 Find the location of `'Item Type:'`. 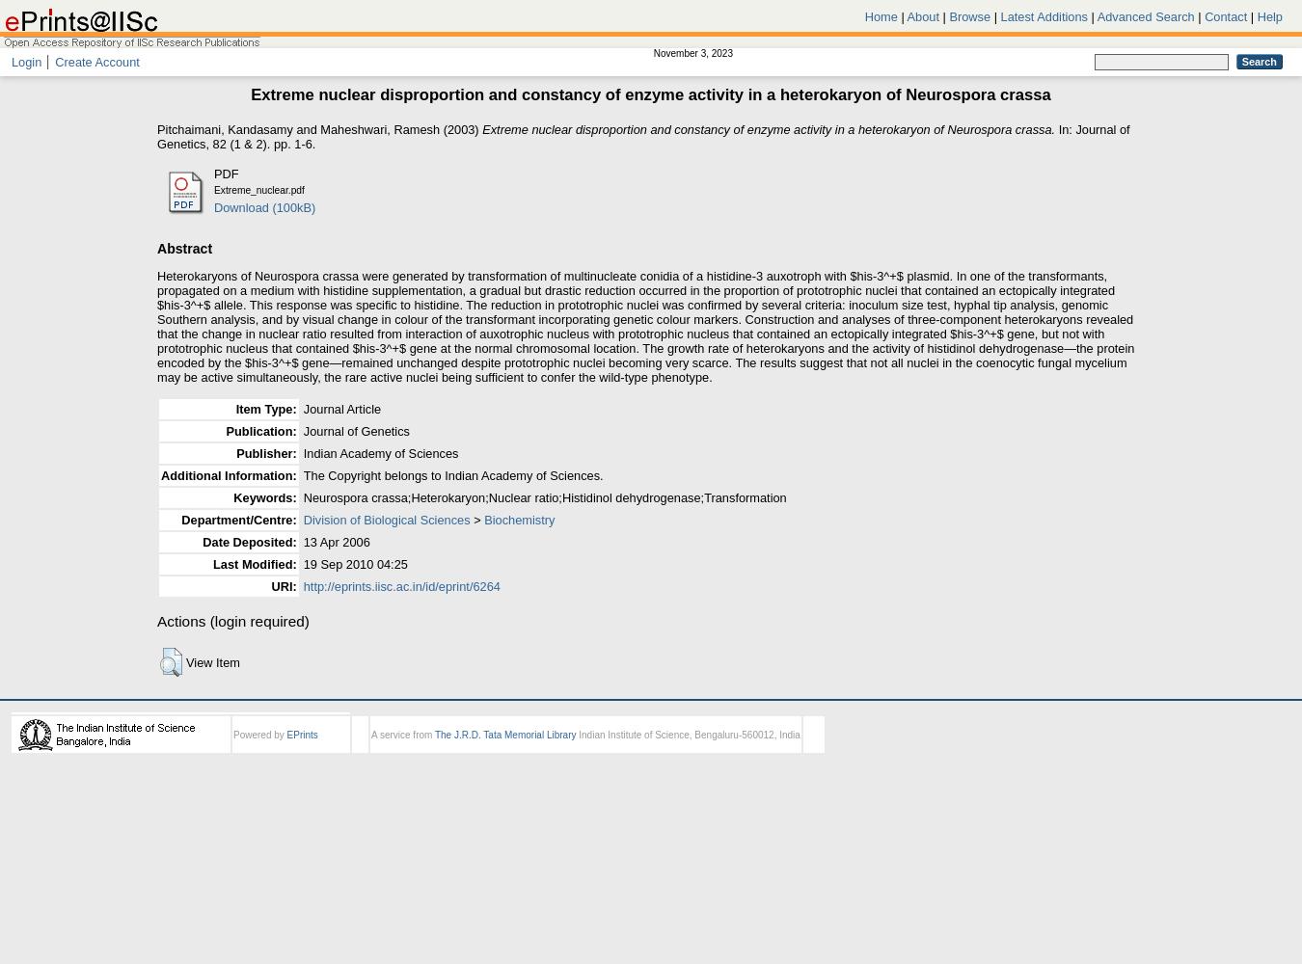

'Item Type:' is located at coordinates (264, 408).